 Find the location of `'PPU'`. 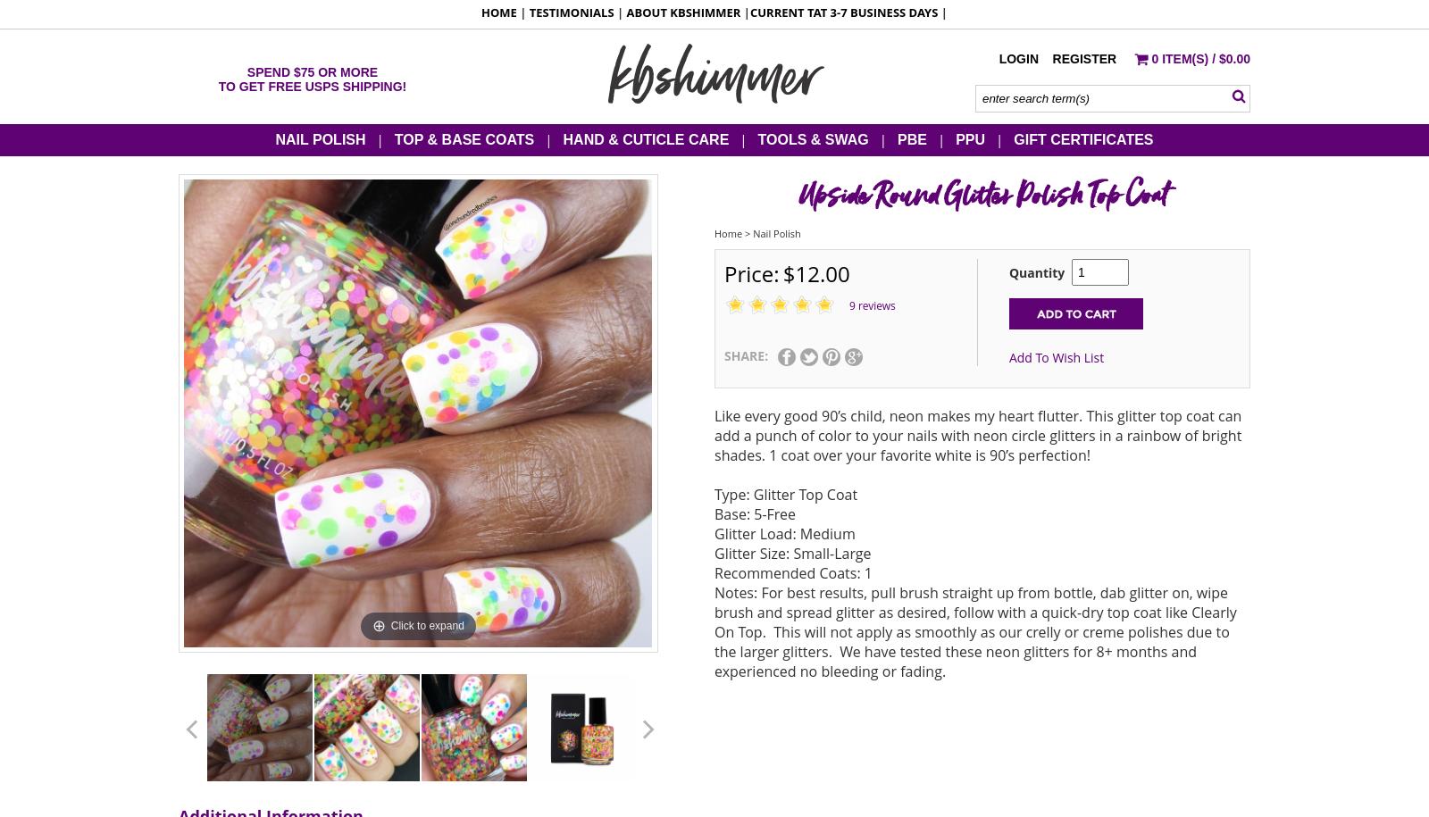

'PPU' is located at coordinates (970, 138).